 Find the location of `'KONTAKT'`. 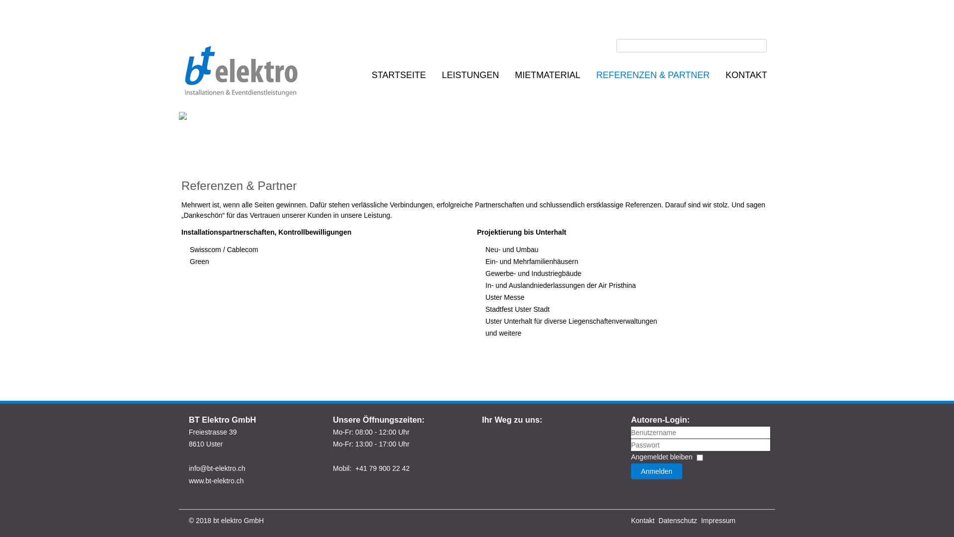

'KONTAKT' is located at coordinates (746, 74).